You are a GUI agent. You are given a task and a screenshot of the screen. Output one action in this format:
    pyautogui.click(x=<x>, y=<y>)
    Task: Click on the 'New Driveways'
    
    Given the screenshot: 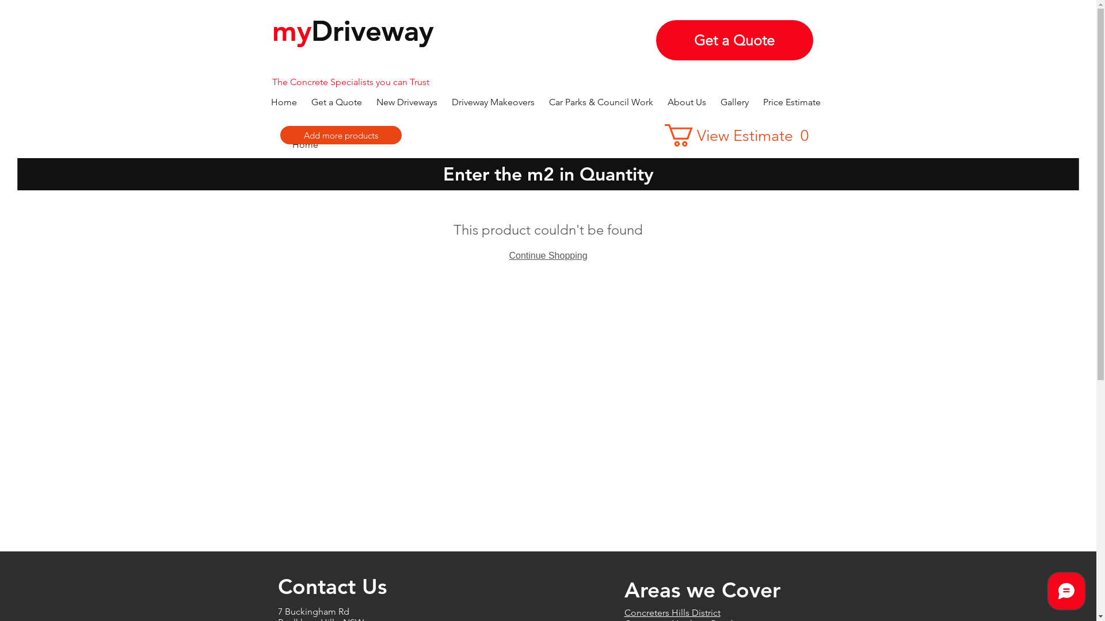 What is the action you would take?
    pyautogui.click(x=408, y=101)
    